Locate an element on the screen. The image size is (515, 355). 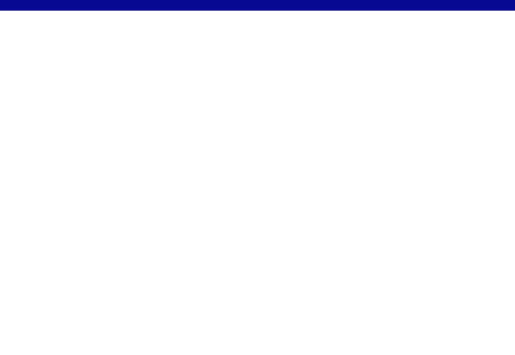
'Travel Grants' is located at coordinates (201, 9).